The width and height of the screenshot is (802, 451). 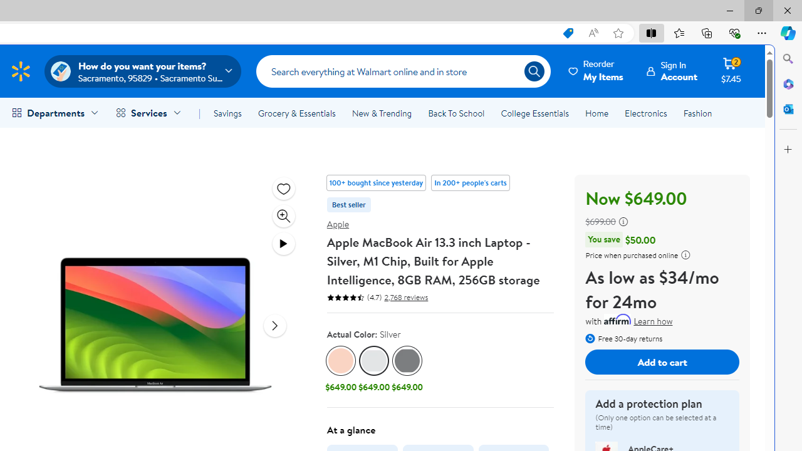 What do you see at coordinates (596, 71) in the screenshot?
I see `'Reorder My Items'` at bounding box center [596, 71].